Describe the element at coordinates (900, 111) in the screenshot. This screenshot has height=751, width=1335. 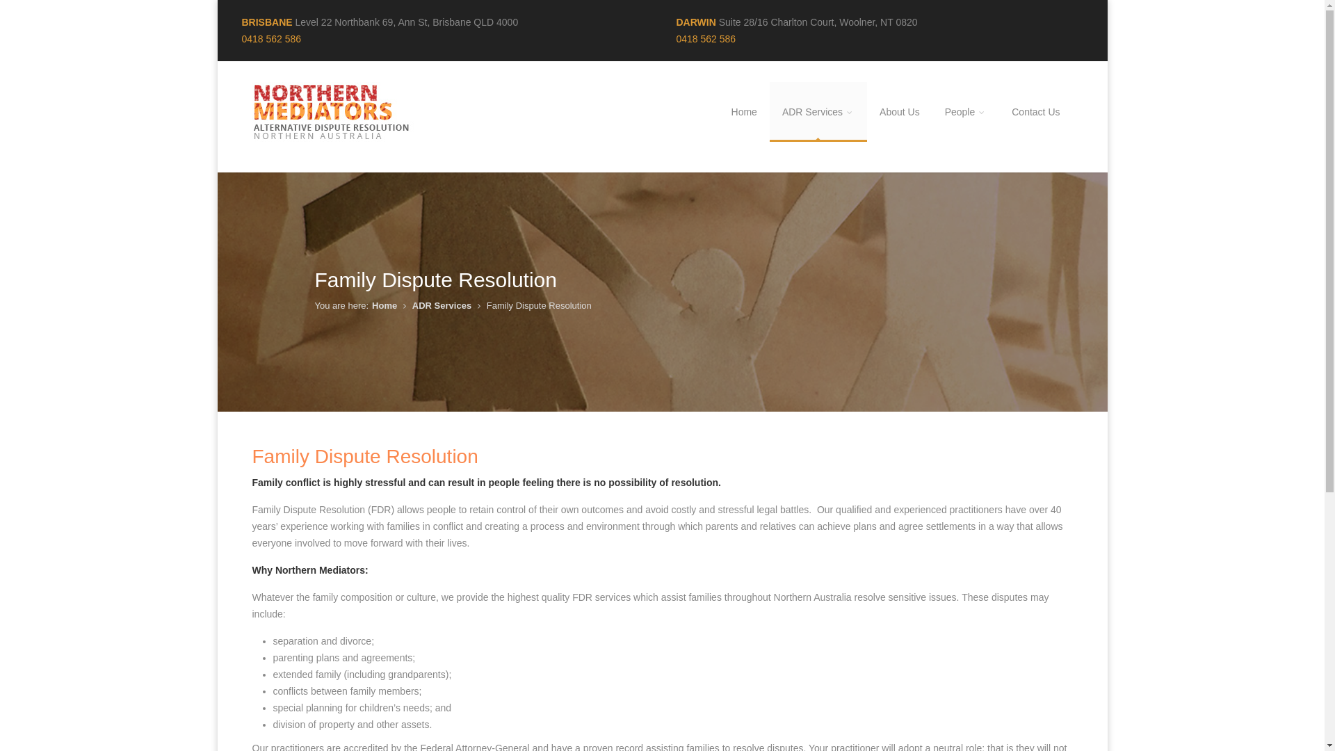
I see `'About Us'` at that location.